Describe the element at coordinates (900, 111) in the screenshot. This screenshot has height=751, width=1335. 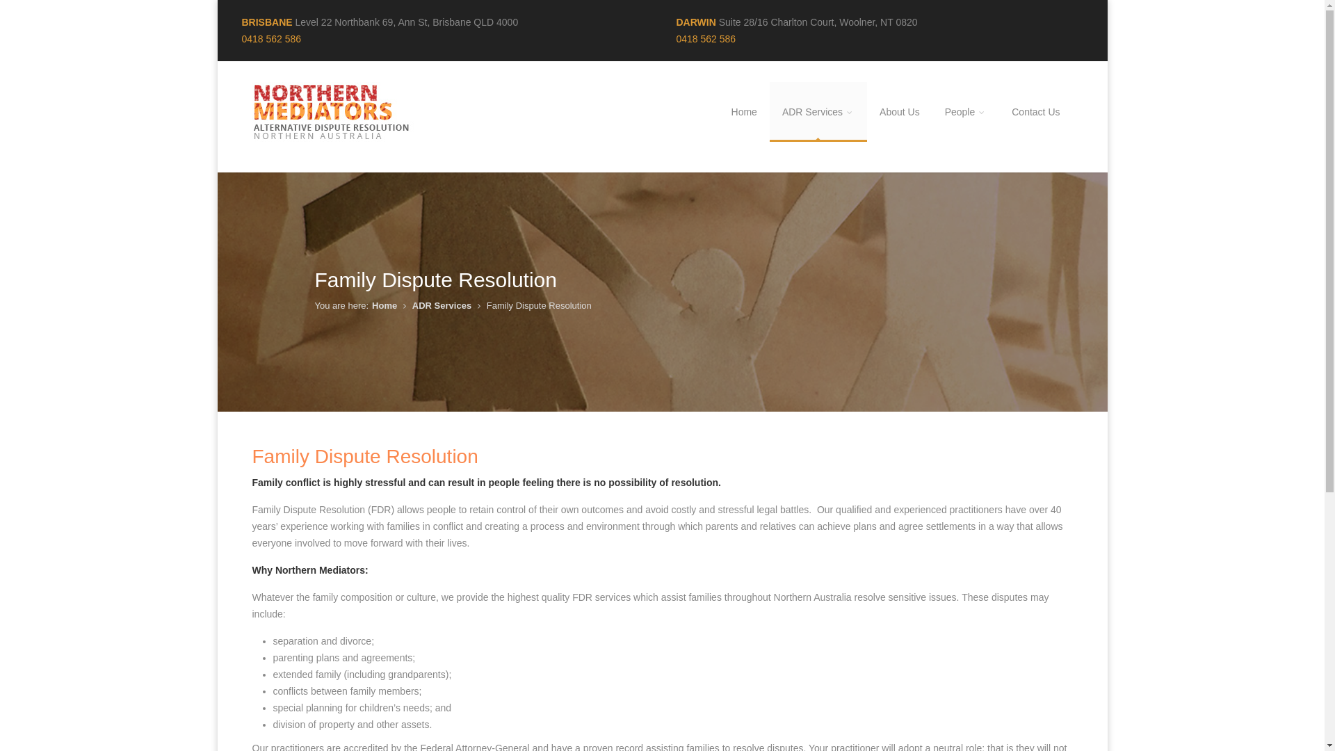
I see `'About Us'` at that location.